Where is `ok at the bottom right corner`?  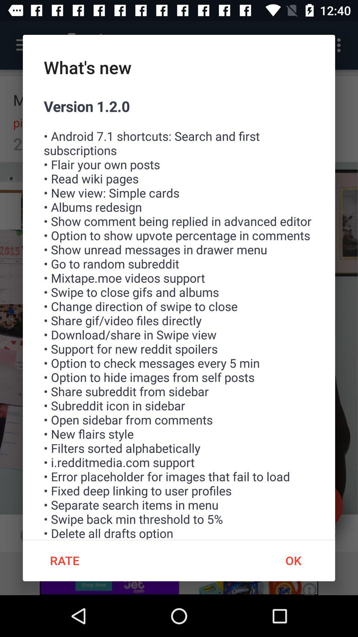
ok at the bottom right corner is located at coordinates (293, 560).